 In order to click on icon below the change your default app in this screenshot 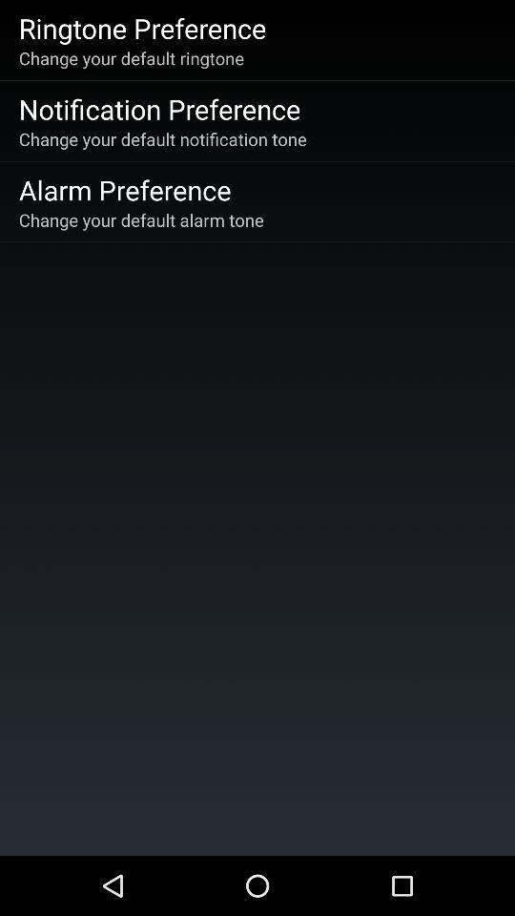, I will do `click(125, 189)`.